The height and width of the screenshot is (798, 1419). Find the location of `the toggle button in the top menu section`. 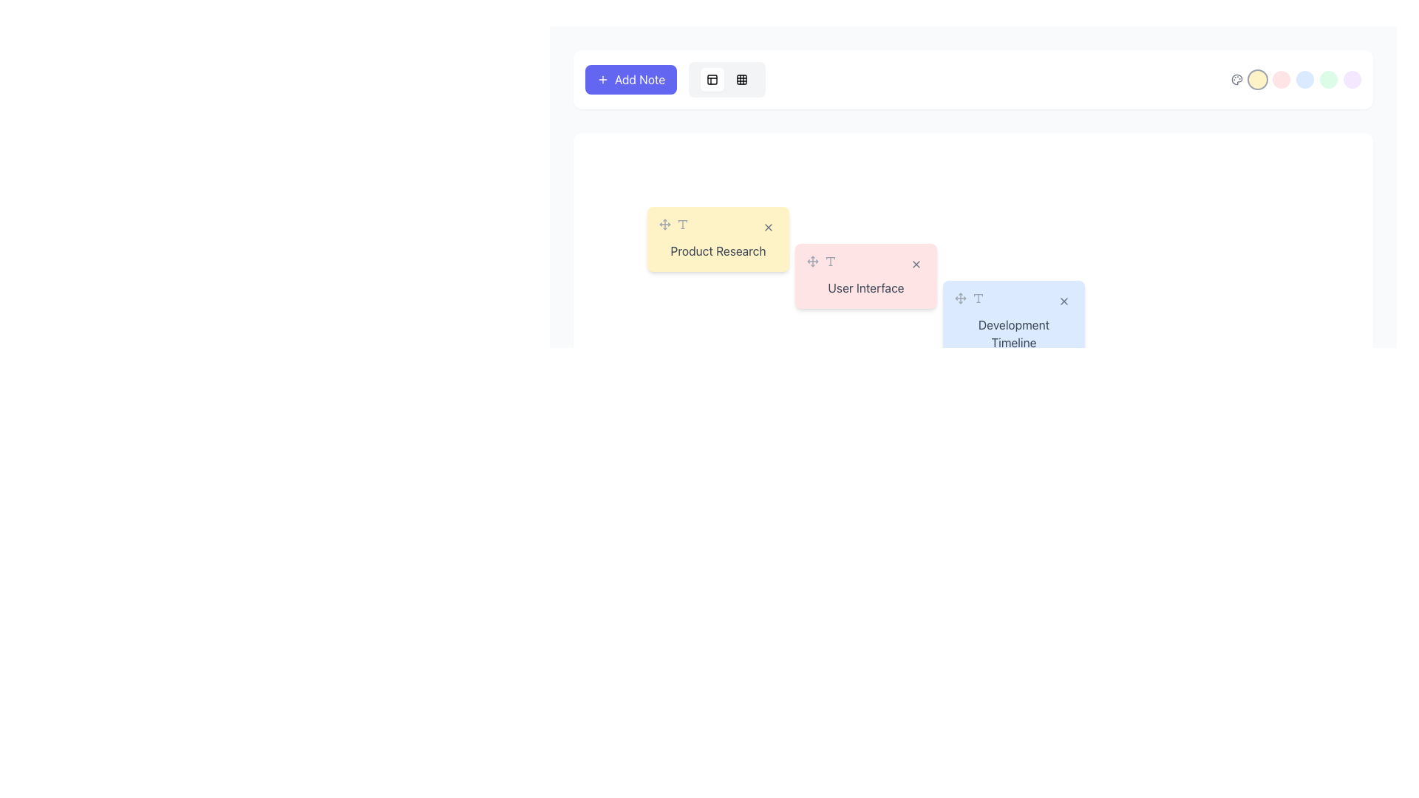

the toggle button in the top menu section is located at coordinates (712, 80).